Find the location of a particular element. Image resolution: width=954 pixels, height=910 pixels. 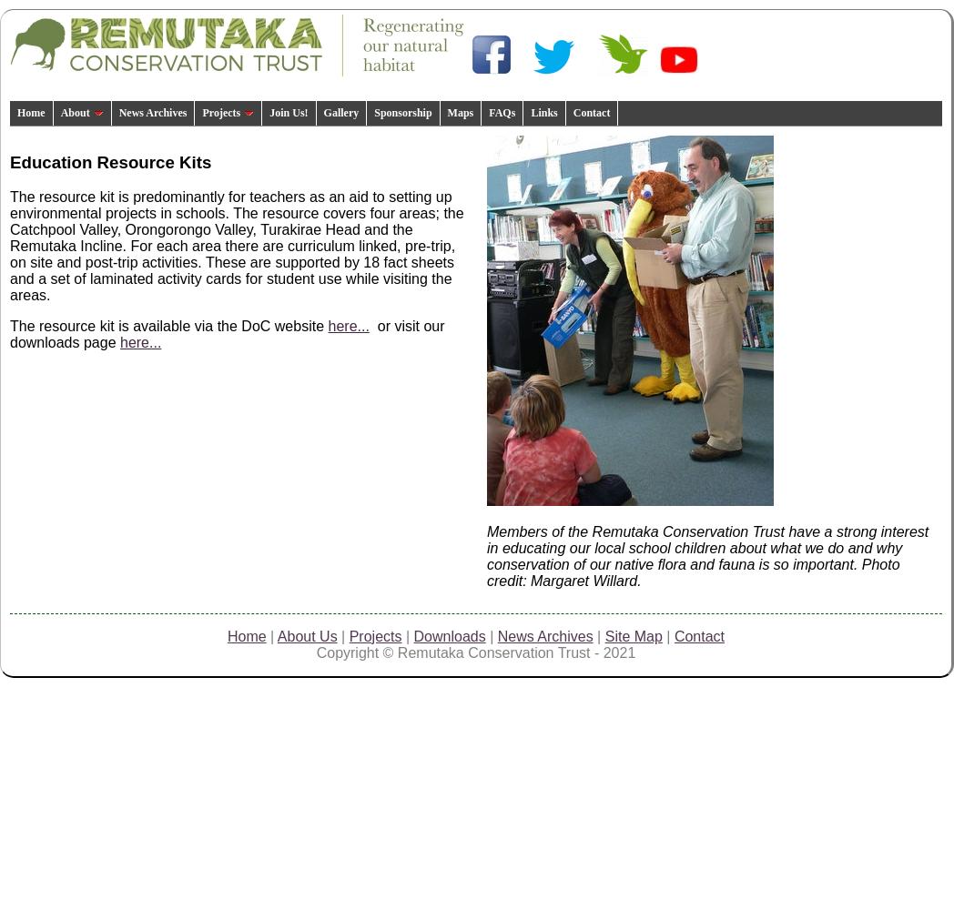

'Site Map' is located at coordinates (604, 635).